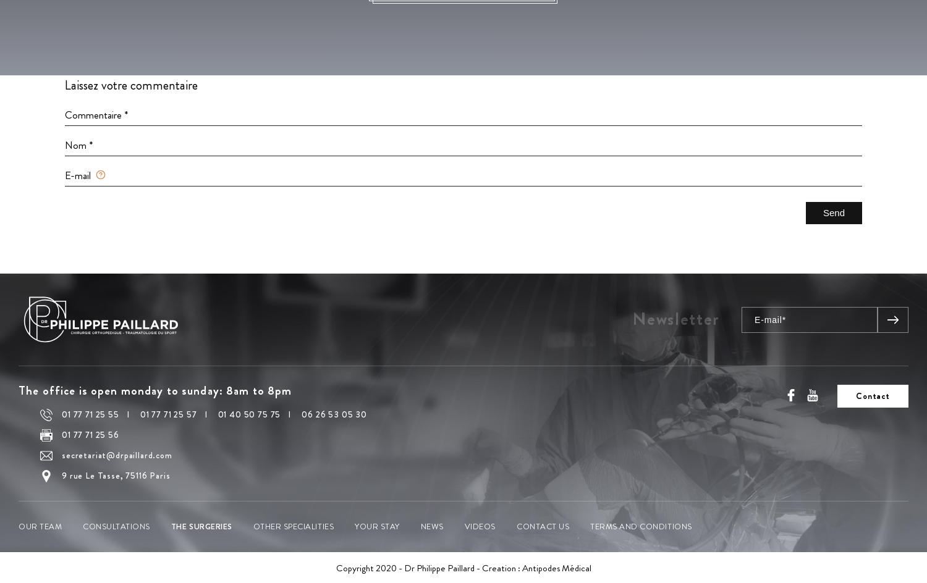 Image resolution: width=927 pixels, height=583 pixels. Describe the element at coordinates (167, 413) in the screenshot. I see `'01 77 71 25 57'` at that location.